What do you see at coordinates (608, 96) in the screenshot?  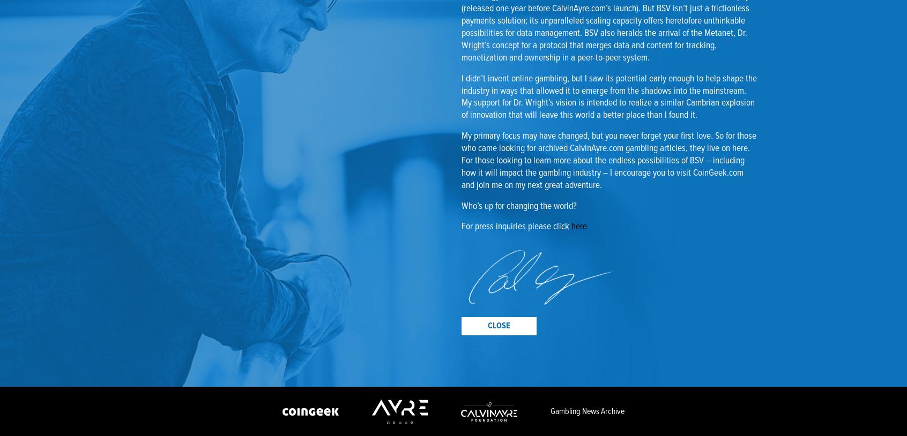 I see `'I didn’t invent online gambling, but I saw its potential early enough to help shape the industry in ways that allowed it to emerge from the shadows into the mainstream. My support for Dr. Wright’s vision is intended to realize a similar Cambrian explosion of innovation that will leave this world a better place than I found it.'` at bounding box center [608, 96].